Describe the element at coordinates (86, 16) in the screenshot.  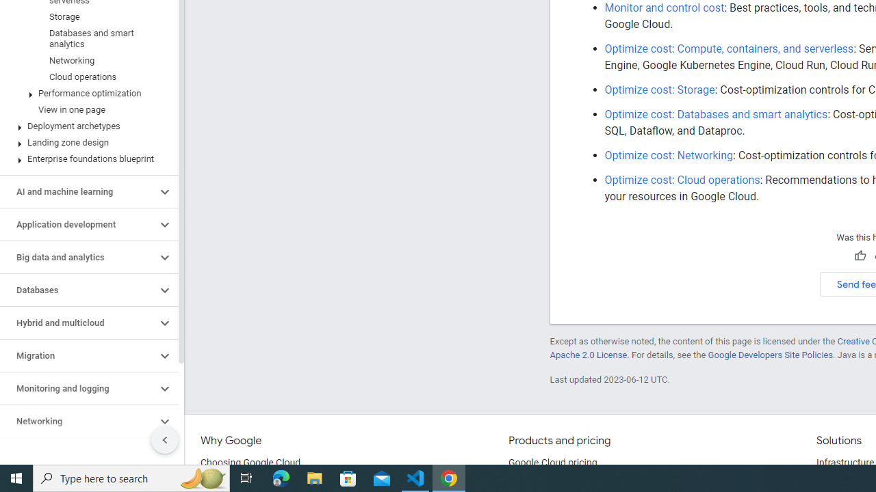
I see `'Storage'` at that location.